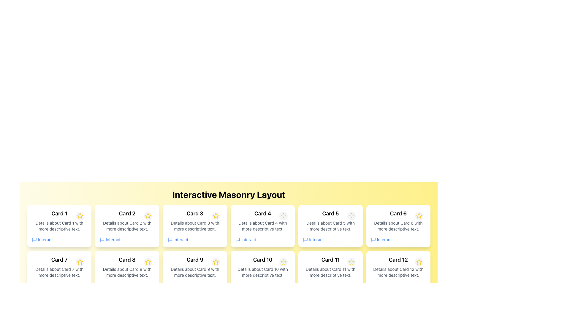  What do you see at coordinates (419, 262) in the screenshot?
I see `the star-shaped icon with a yellow outline located in the top-right corner of 'Card 12' to trigger visual feedback` at bounding box center [419, 262].